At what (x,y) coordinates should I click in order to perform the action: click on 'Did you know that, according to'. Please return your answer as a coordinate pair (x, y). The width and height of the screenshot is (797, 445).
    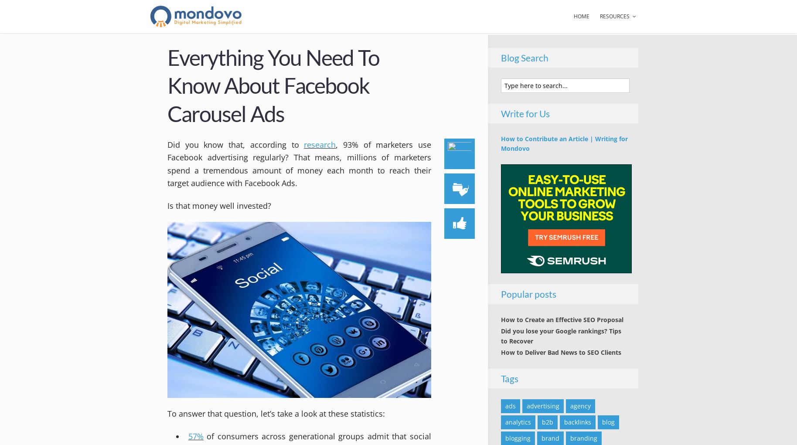
    Looking at the image, I should click on (167, 144).